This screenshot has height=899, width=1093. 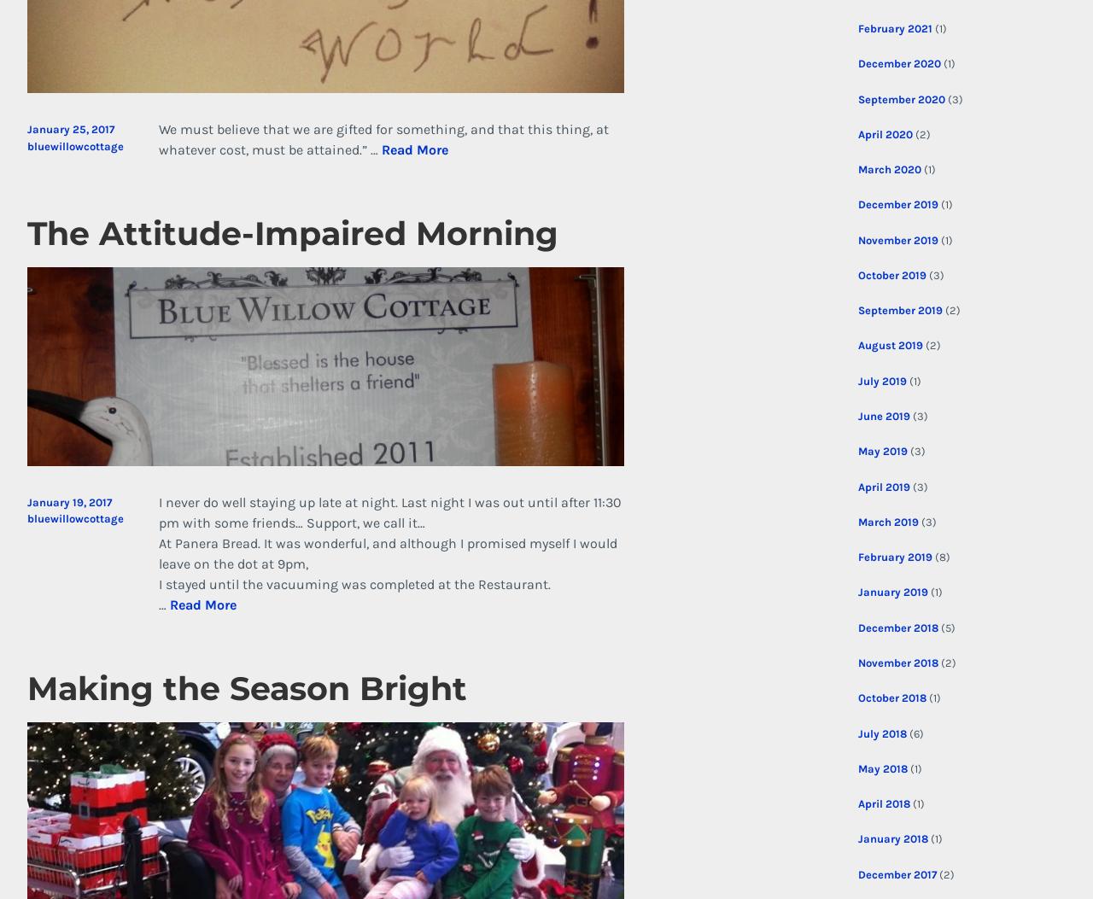 What do you see at coordinates (890, 274) in the screenshot?
I see `'October 2019'` at bounding box center [890, 274].